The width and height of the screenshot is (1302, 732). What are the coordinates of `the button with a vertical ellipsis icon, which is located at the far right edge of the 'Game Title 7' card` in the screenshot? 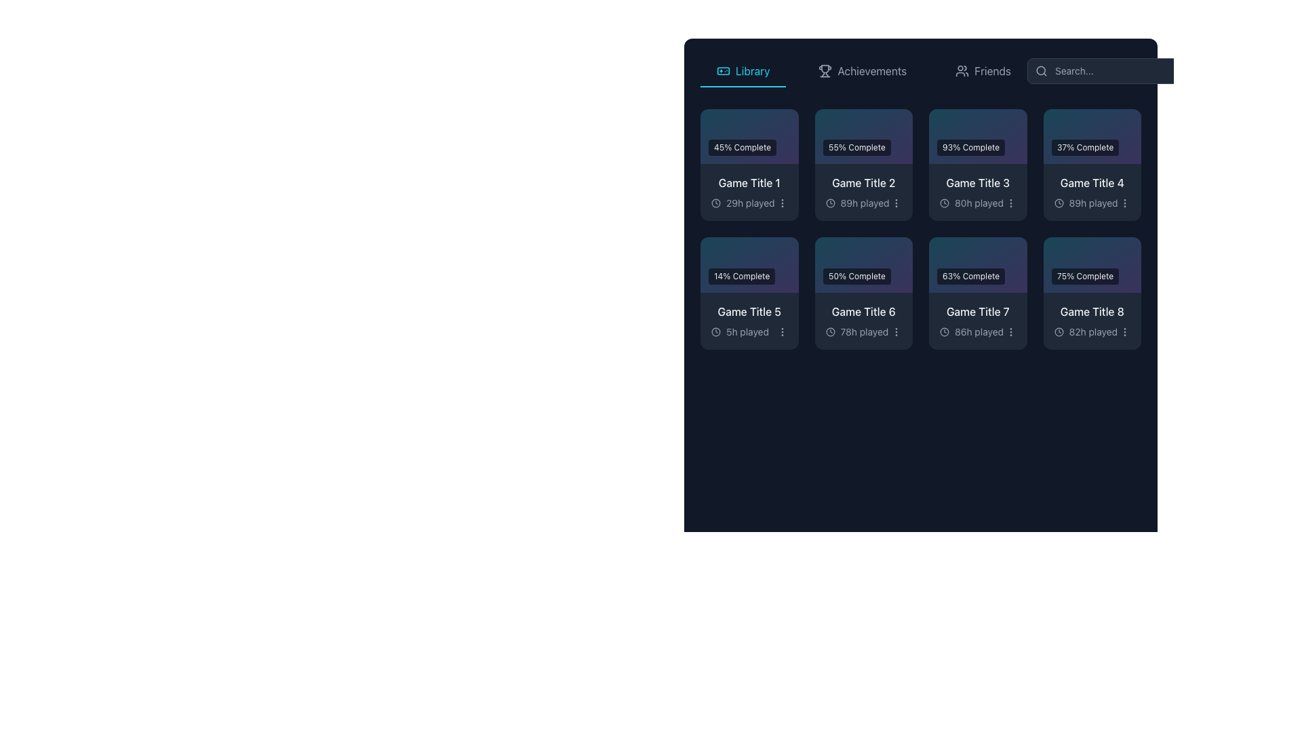 It's located at (1010, 331).